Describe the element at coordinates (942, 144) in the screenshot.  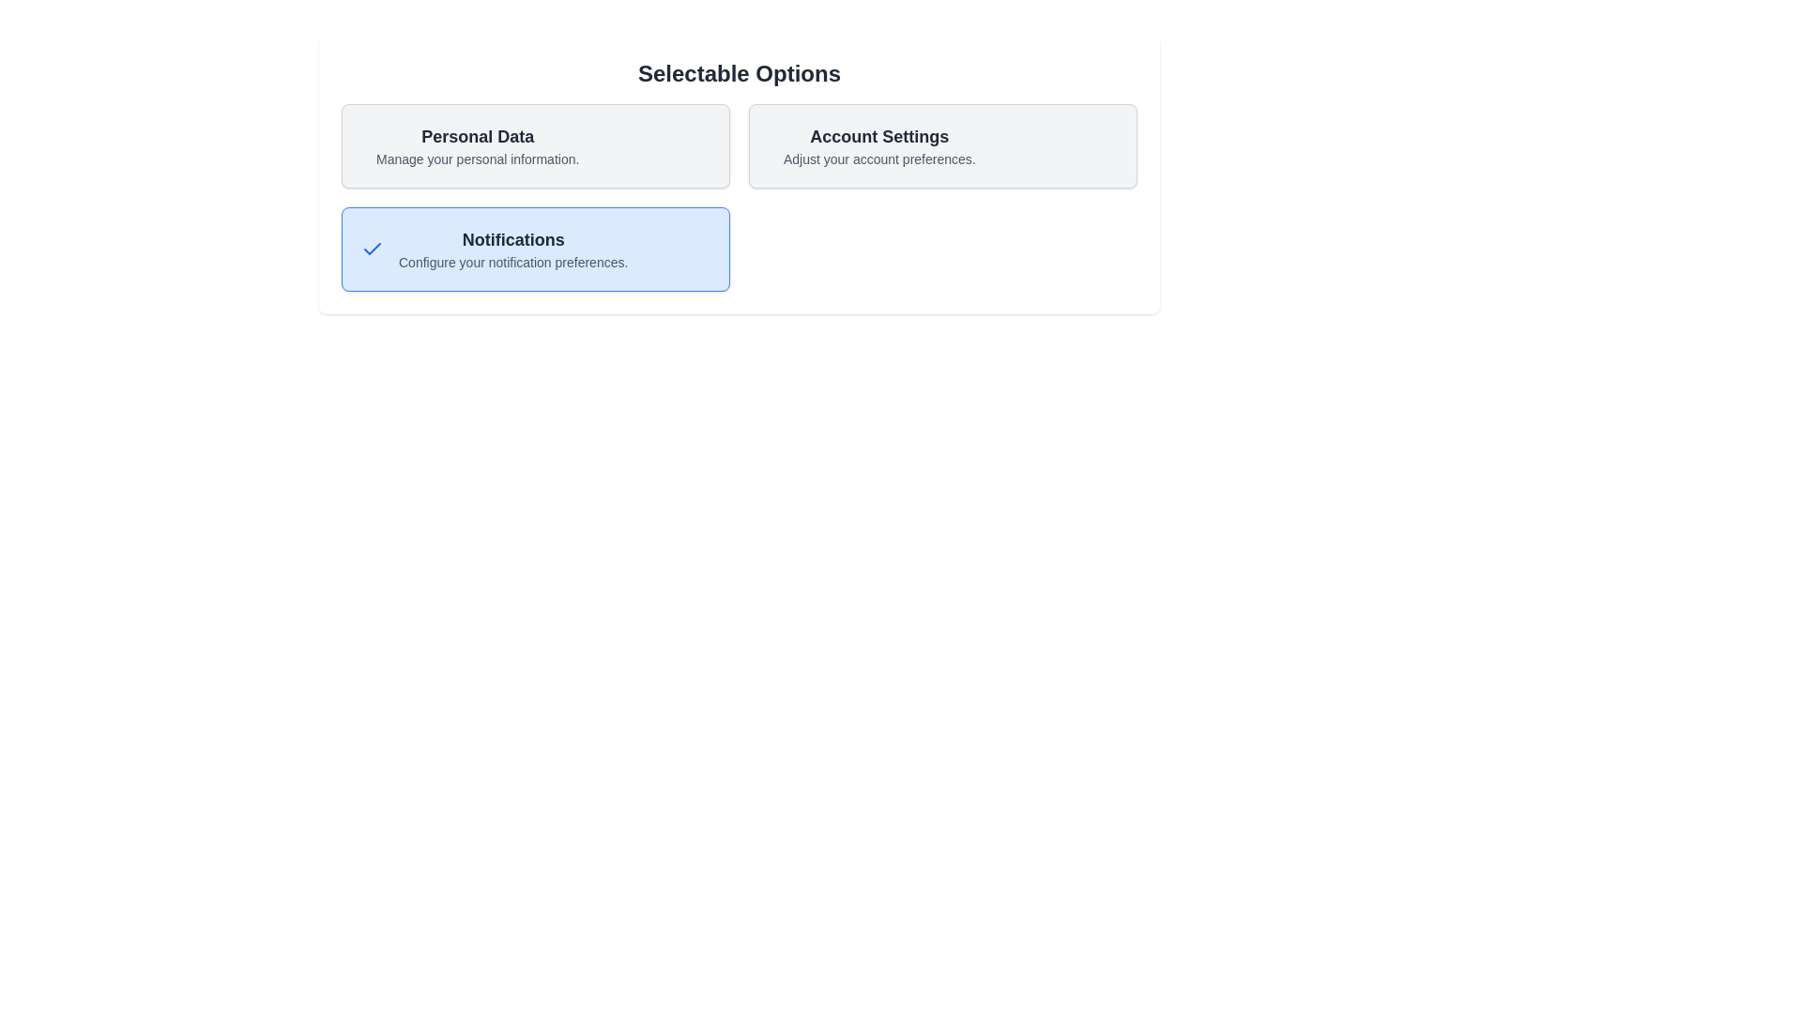
I see `the 'Account Settings' card, which is the second card in a grid layout` at that location.